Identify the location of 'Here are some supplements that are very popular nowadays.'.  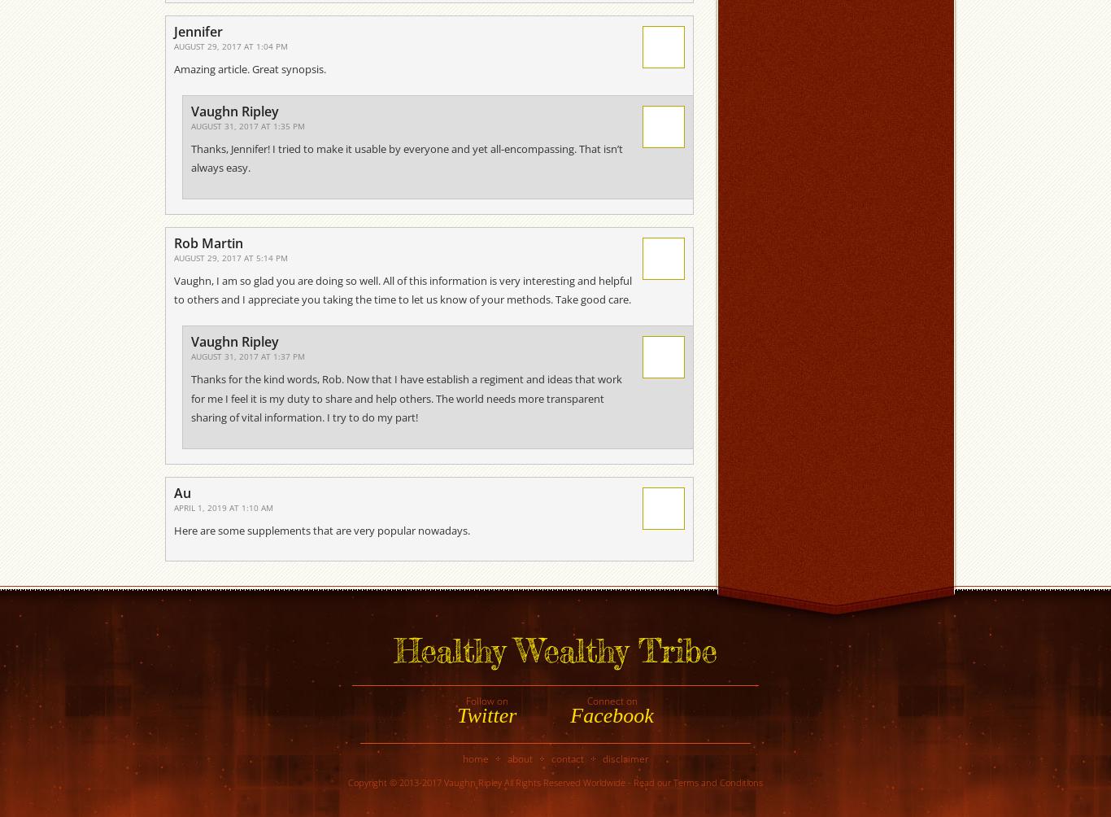
(321, 528).